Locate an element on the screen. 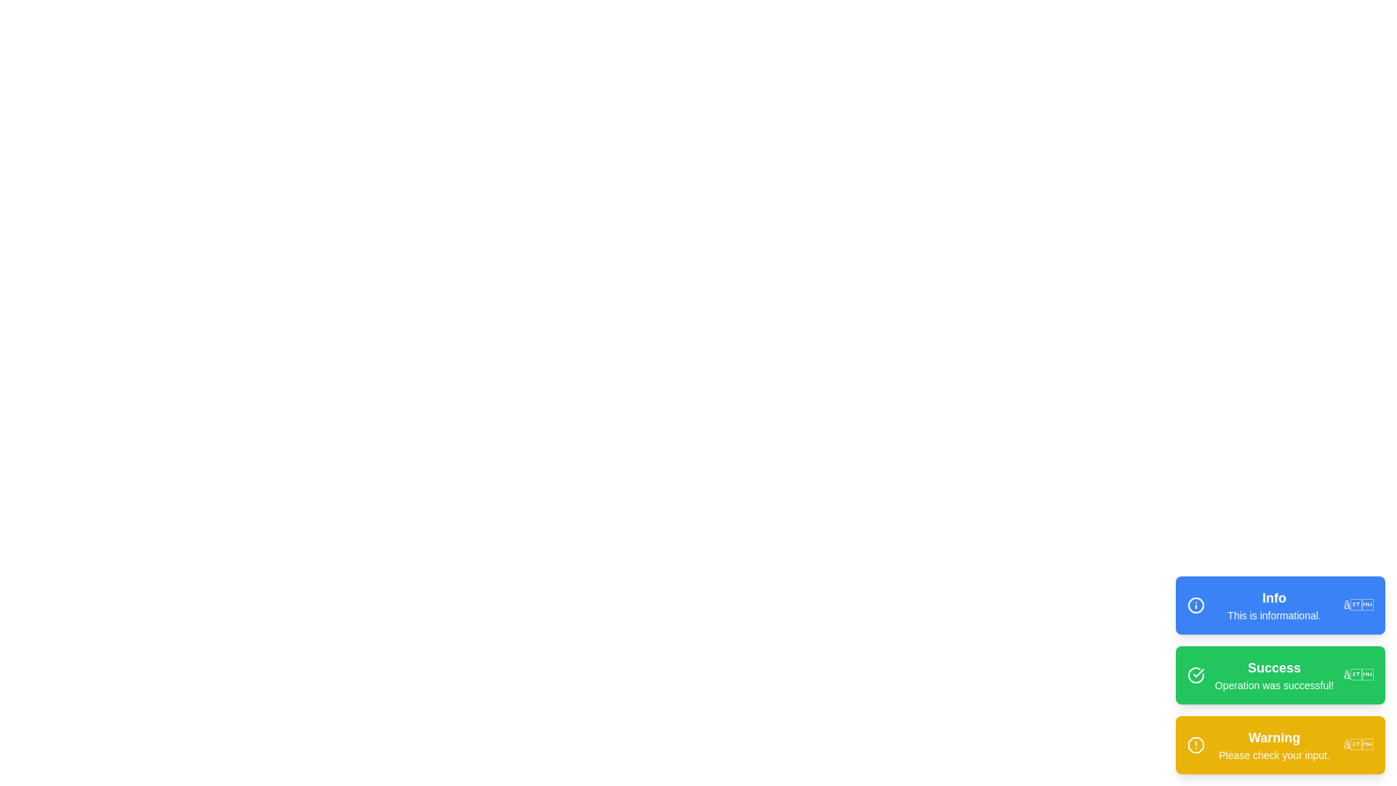 This screenshot has height=786, width=1397. the blue circular informational icon located prominently to the left of the title text 'Info' is located at coordinates (1195, 606).